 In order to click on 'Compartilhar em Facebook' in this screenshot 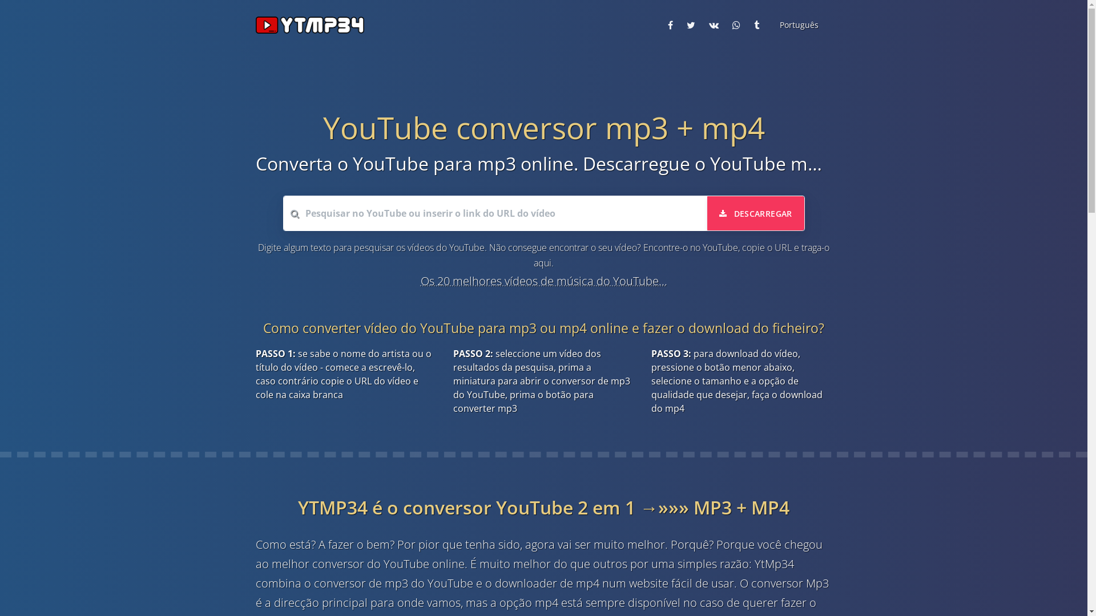, I will do `click(663, 25)`.